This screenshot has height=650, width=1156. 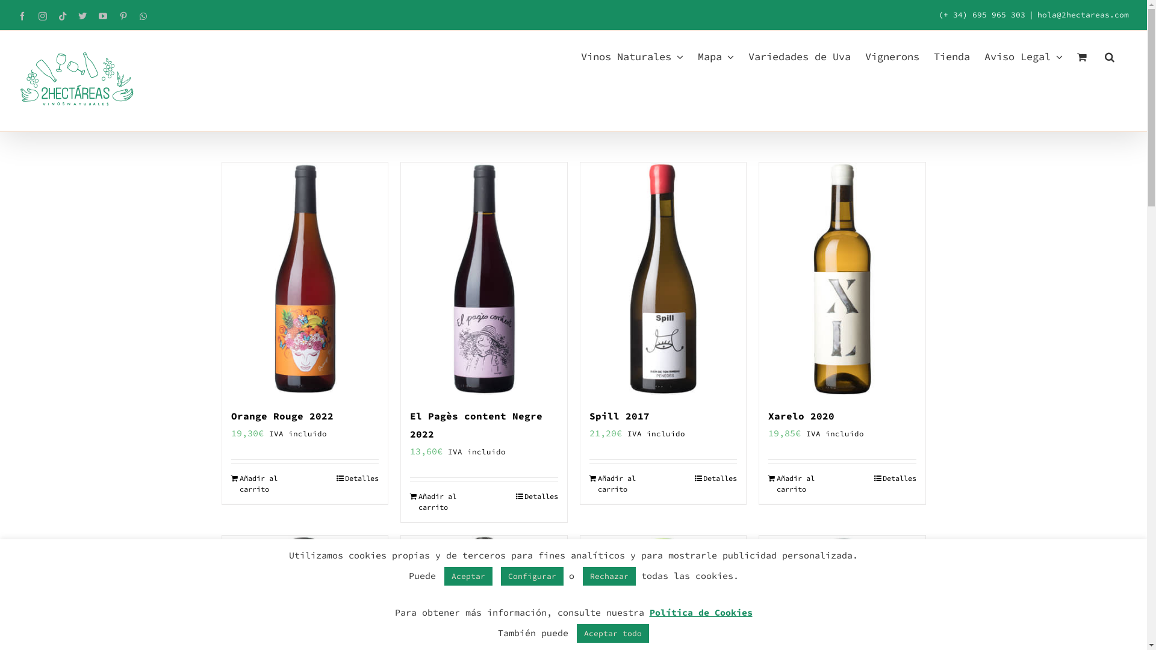 What do you see at coordinates (98, 16) in the screenshot?
I see `'YouTube'` at bounding box center [98, 16].